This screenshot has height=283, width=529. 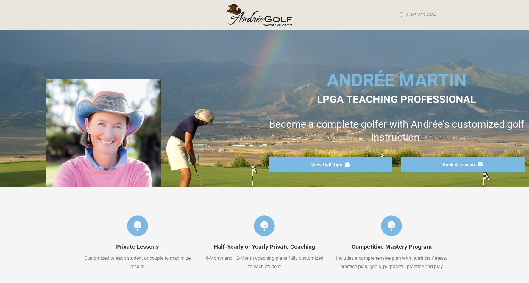 What do you see at coordinates (205, 262) in the screenshot?
I see `'6-Month and 12-Month coaching plans fully customized to each student'` at bounding box center [205, 262].